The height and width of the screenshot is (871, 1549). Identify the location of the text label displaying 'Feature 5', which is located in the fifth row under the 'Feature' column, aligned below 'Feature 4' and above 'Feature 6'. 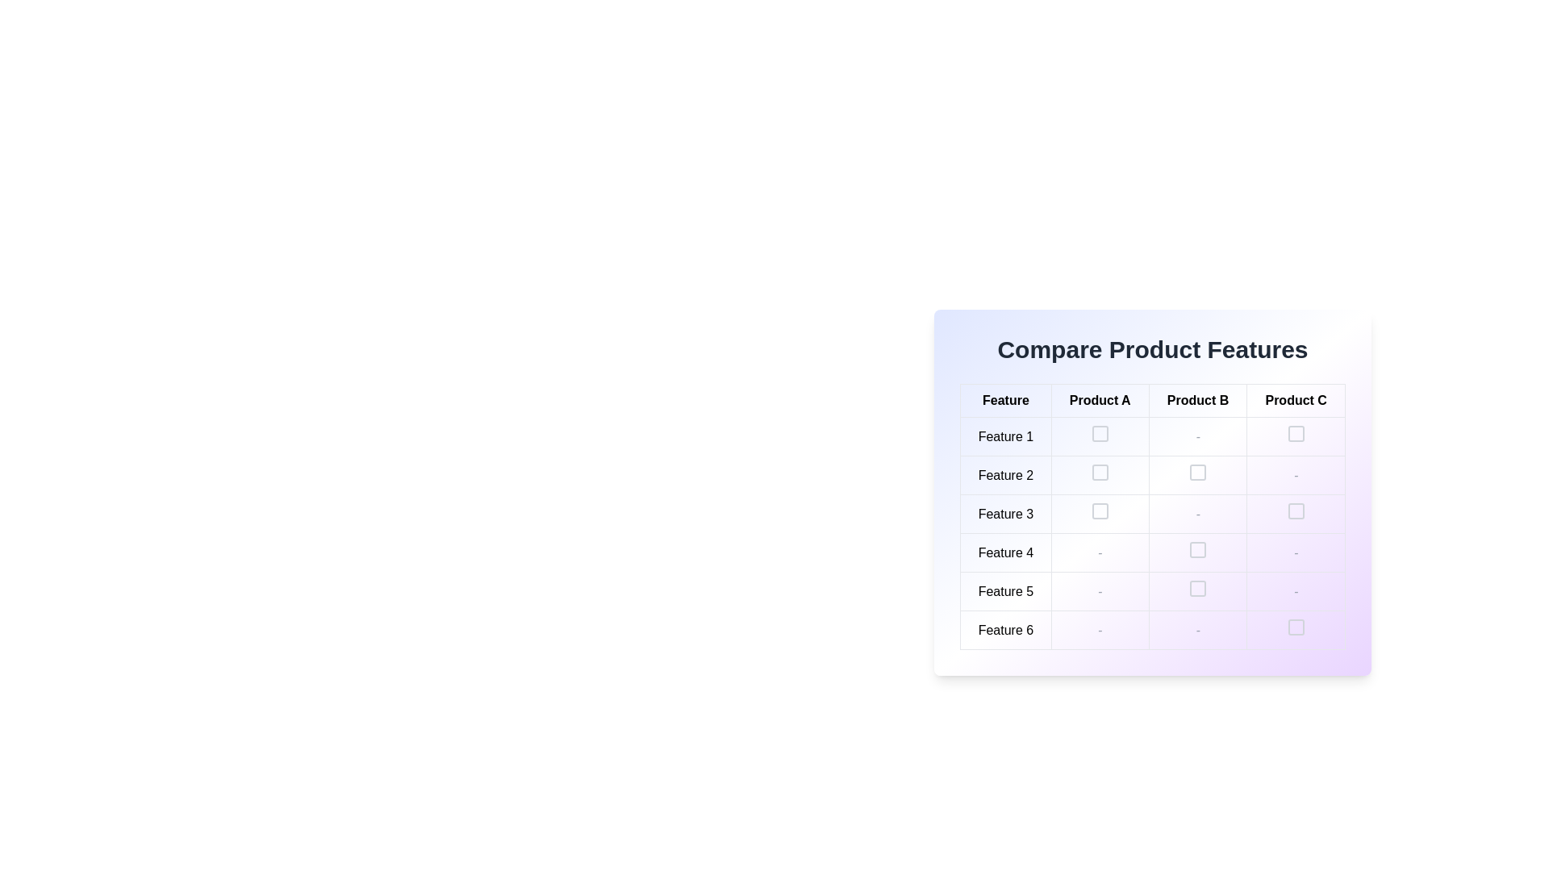
(1004, 591).